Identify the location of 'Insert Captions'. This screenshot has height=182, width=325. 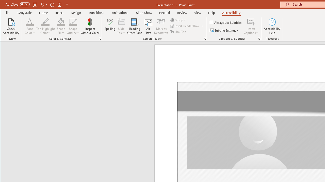
(251, 26).